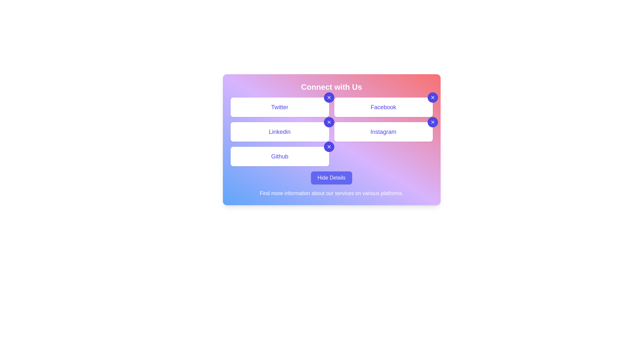 The width and height of the screenshot is (622, 350). Describe the element at coordinates (383, 132) in the screenshot. I see `the Instagram button card, which is a rectangular card with a white background and indigo text, located in the fourth row and second column under 'Connect with Us'` at that location.